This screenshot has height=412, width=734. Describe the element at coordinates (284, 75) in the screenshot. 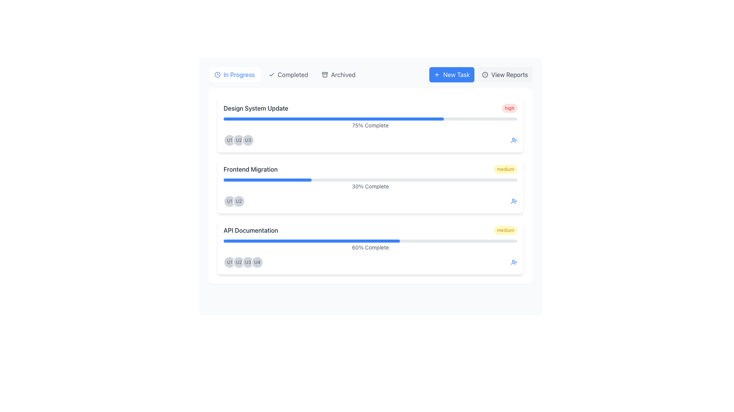

I see `the 'Completed' button, which is the second of three horizontally aligned status buttons labeled 'In Progress', 'Completed', and 'Archived'` at that location.